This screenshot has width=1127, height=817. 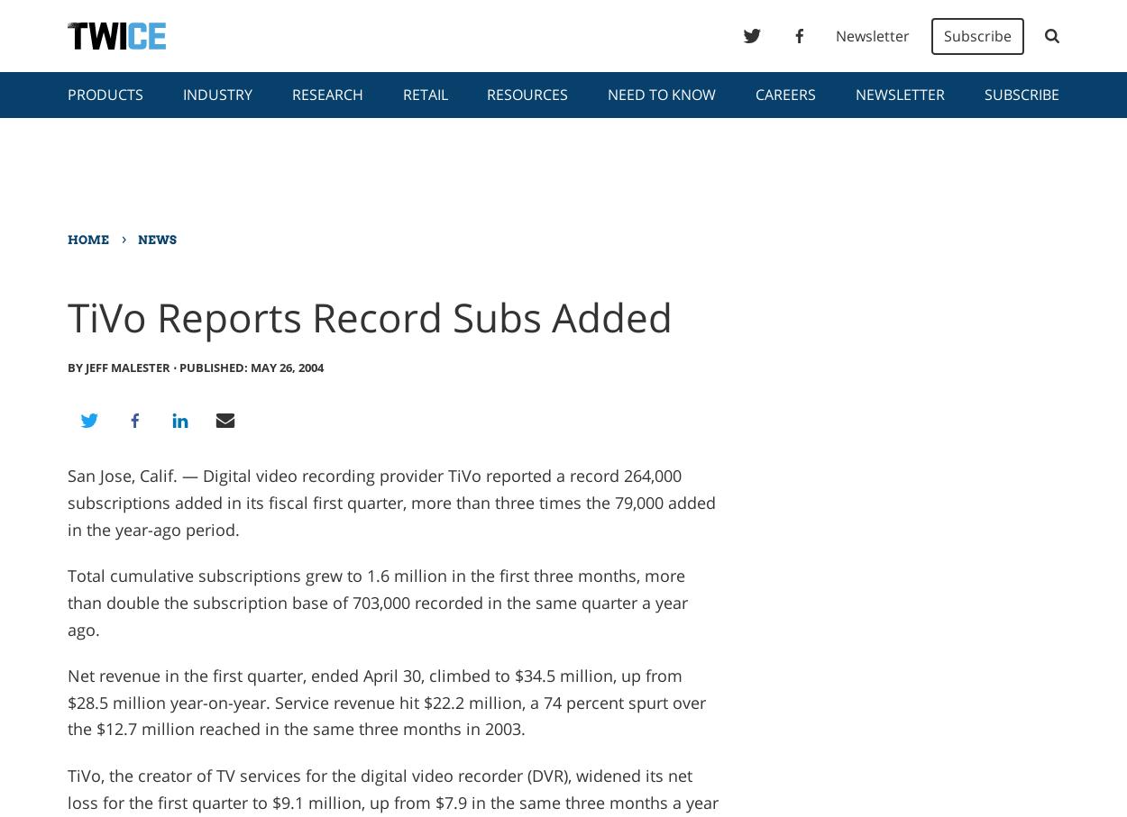 What do you see at coordinates (390, 502) in the screenshot?
I see `'San Jose, Calif. — Digital video recording provider TiVo reported a record 264,000 subscriptions added in its fiscal first quarter, more than three times the 79,000 added in the year-ago period.'` at bounding box center [390, 502].